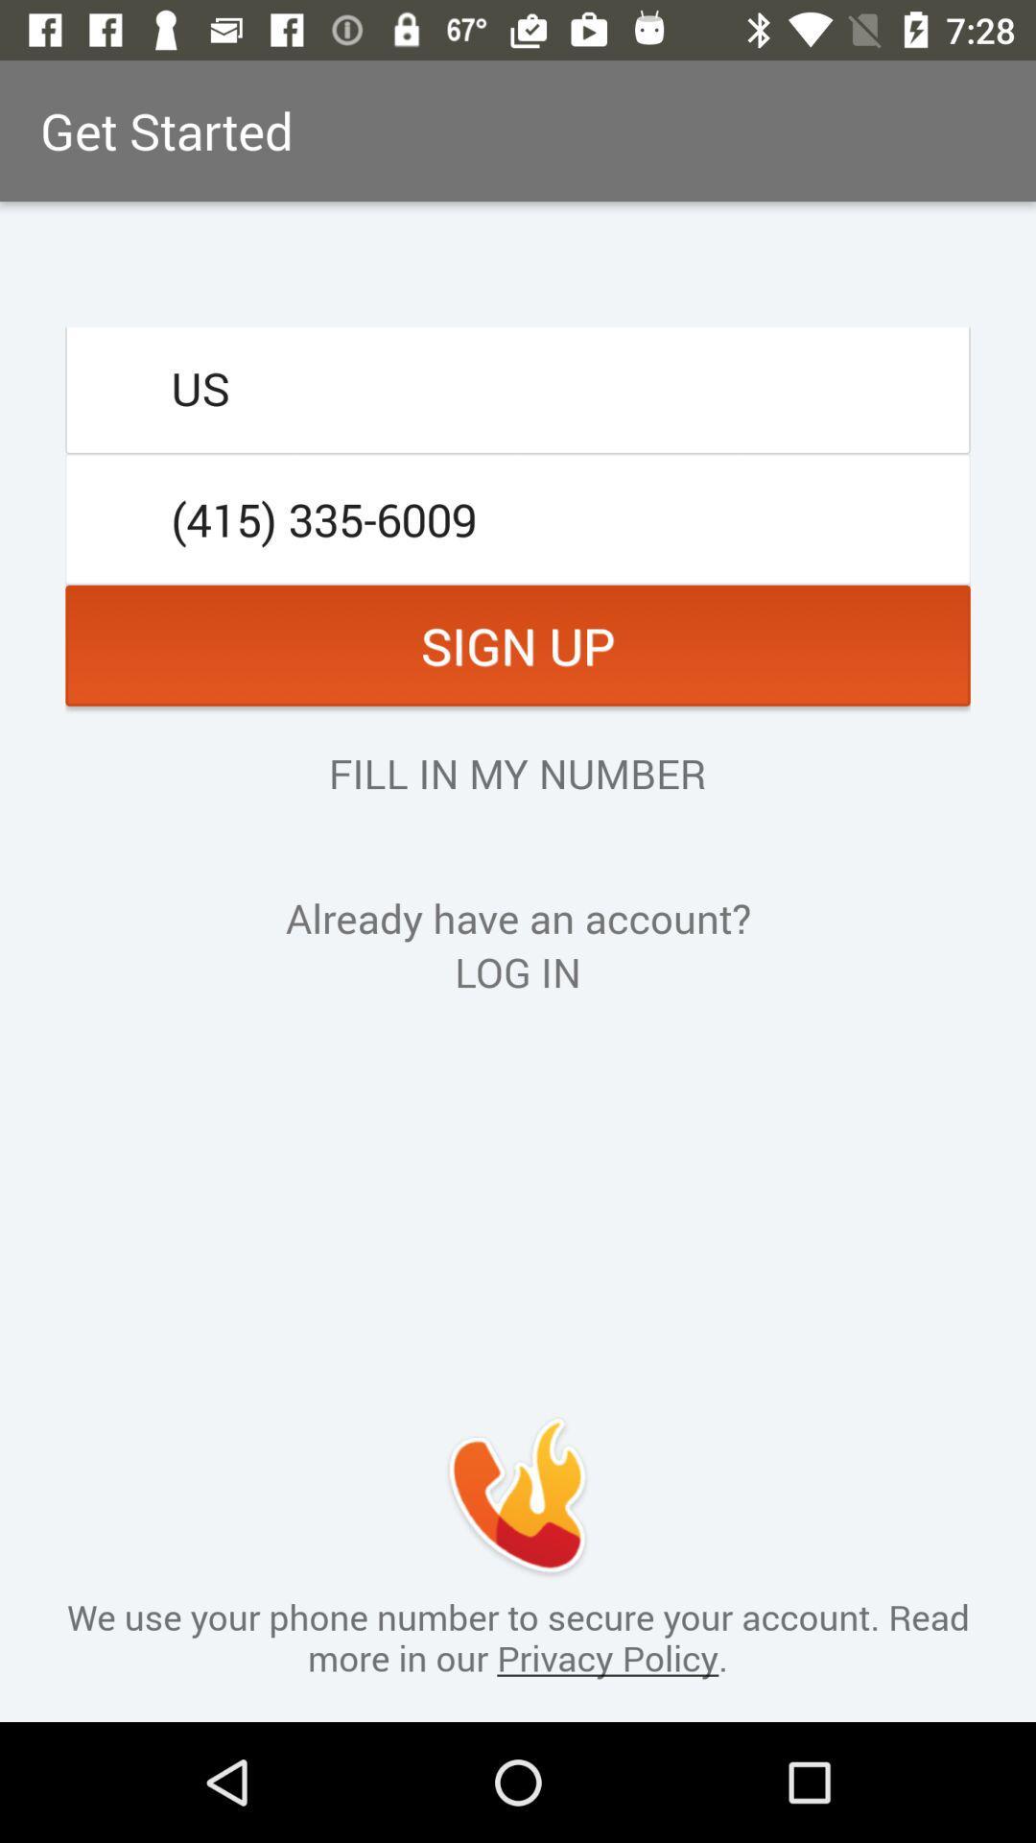  What do you see at coordinates (518, 645) in the screenshot?
I see `item above the fill in my item` at bounding box center [518, 645].